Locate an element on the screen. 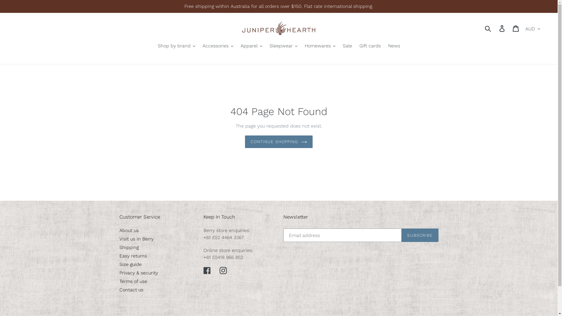  'Shipping' is located at coordinates (129, 247).